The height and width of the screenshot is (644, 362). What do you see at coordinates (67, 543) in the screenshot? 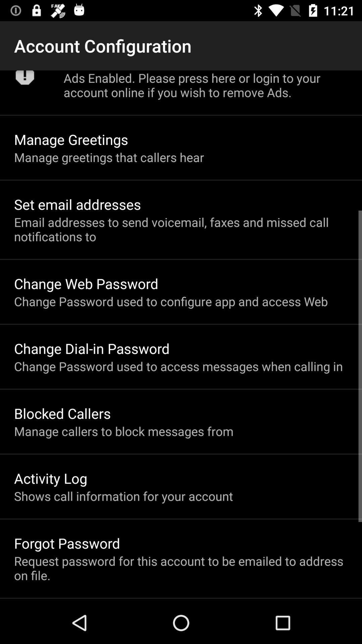
I see `the forgot password` at bounding box center [67, 543].